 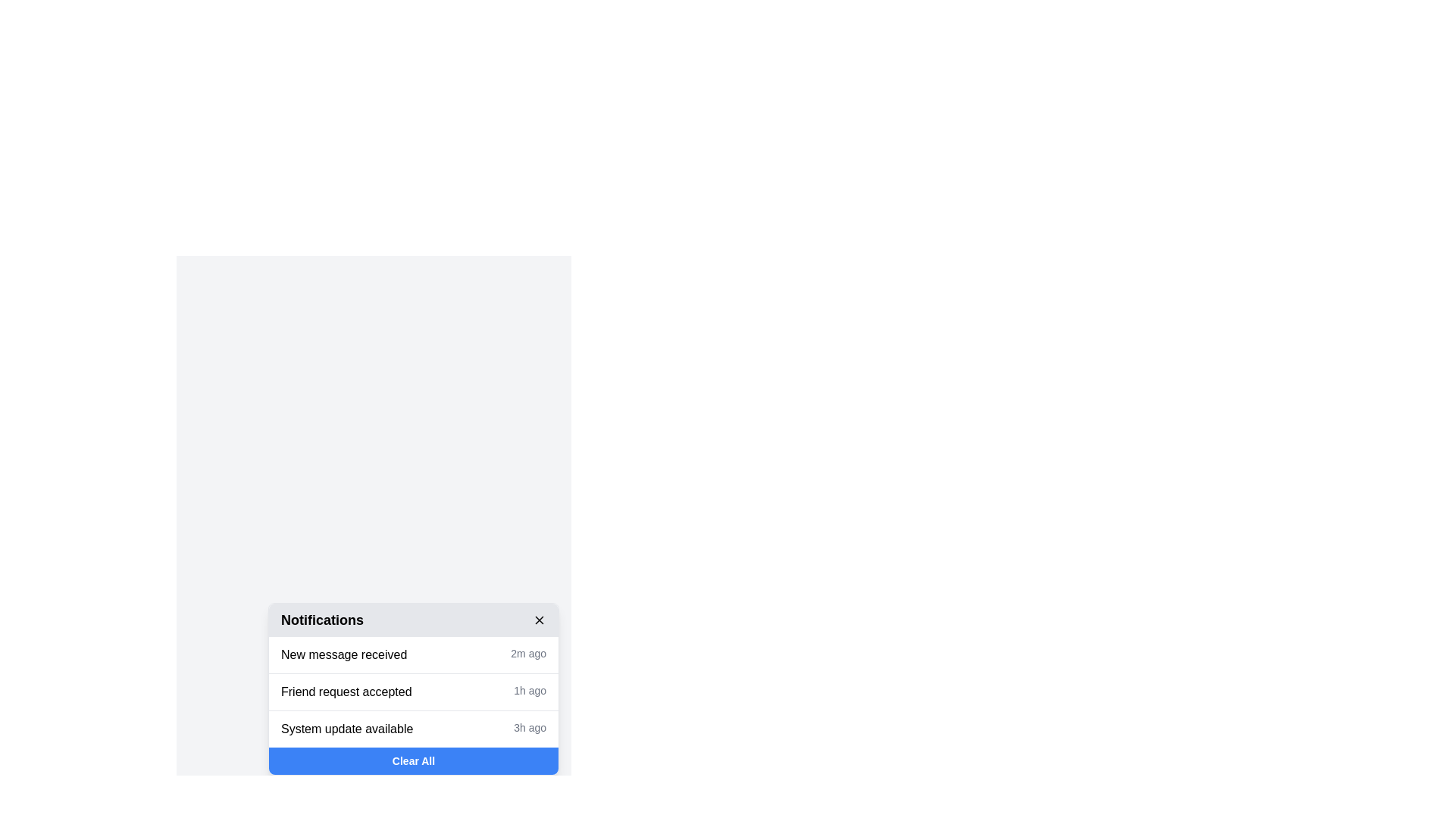 What do you see at coordinates (530, 729) in the screenshot?
I see `time information from the text label displaying '3h ago', which is located on the far-right side of the entry labeled 'System update available' in the notification panel` at bounding box center [530, 729].